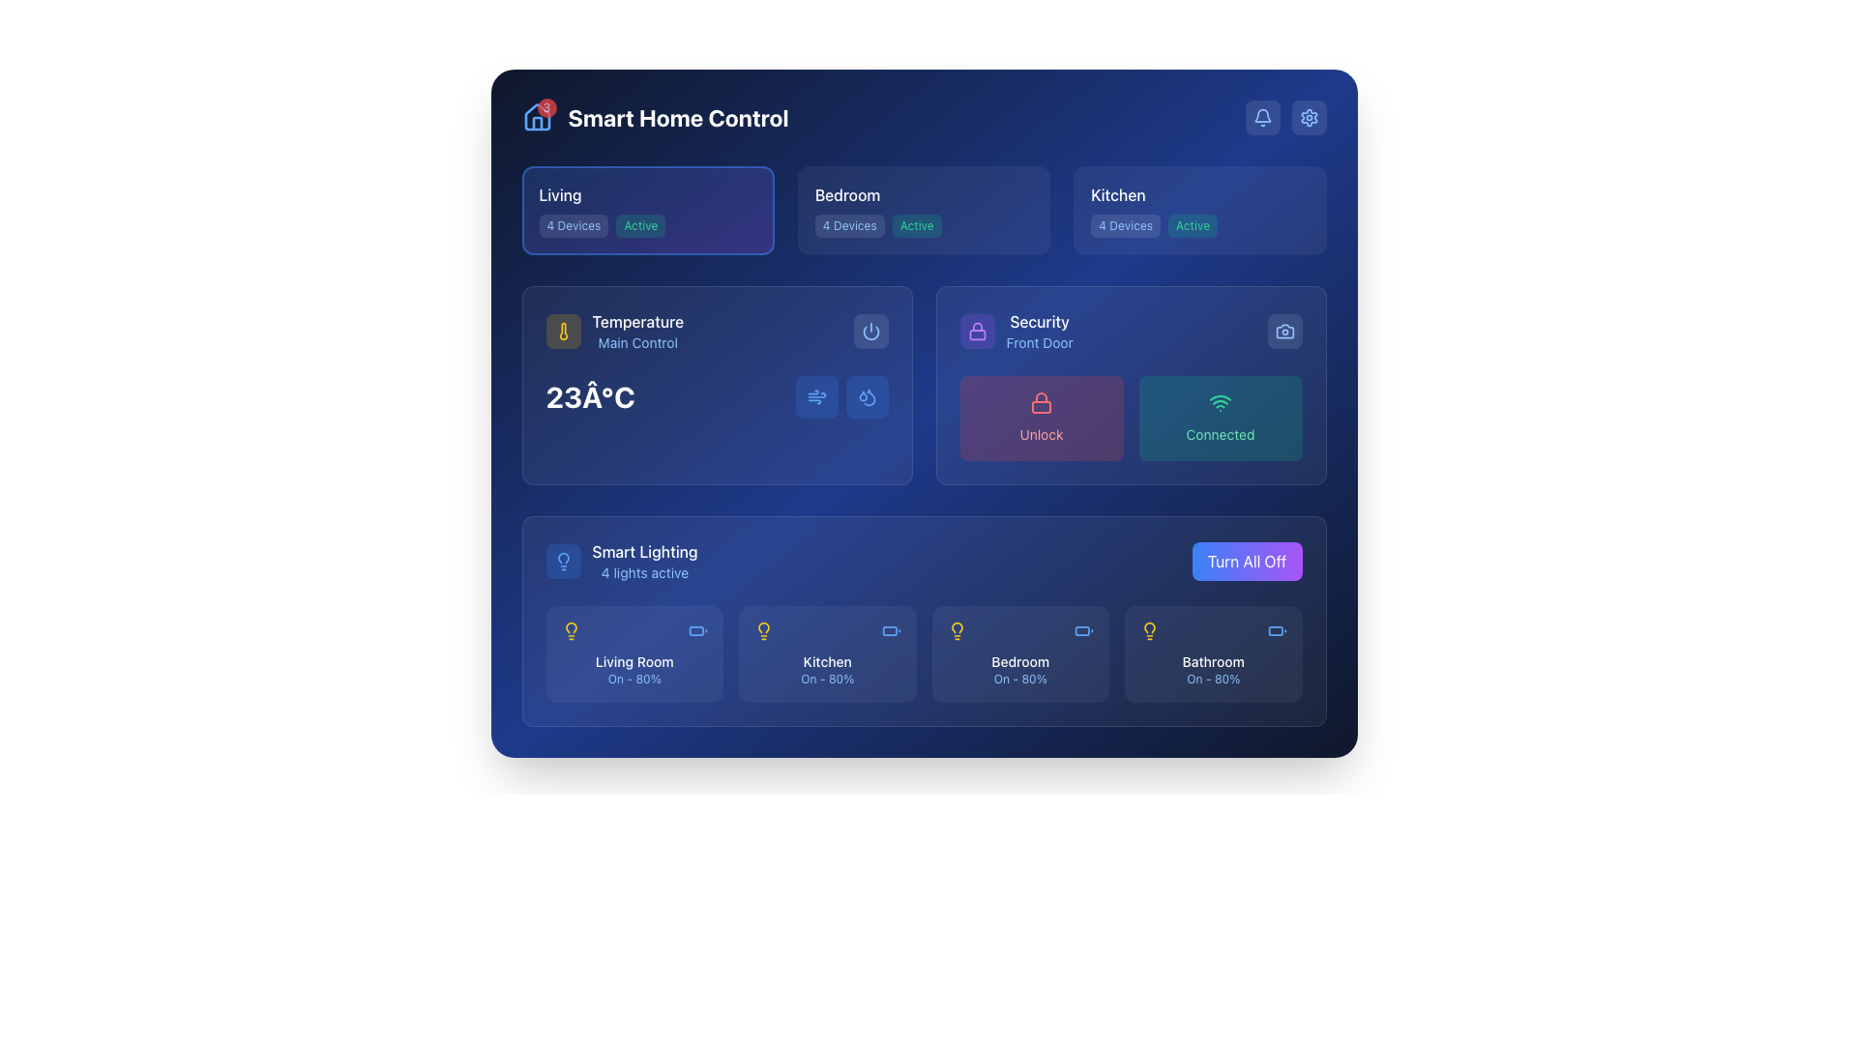  What do you see at coordinates (570, 630) in the screenshot?
I see `the light bulb icon with a yellow stroke located in the 'Smart Lighting' section, which is the first item on the left among a group of icons` at bounding box center [570, 630].